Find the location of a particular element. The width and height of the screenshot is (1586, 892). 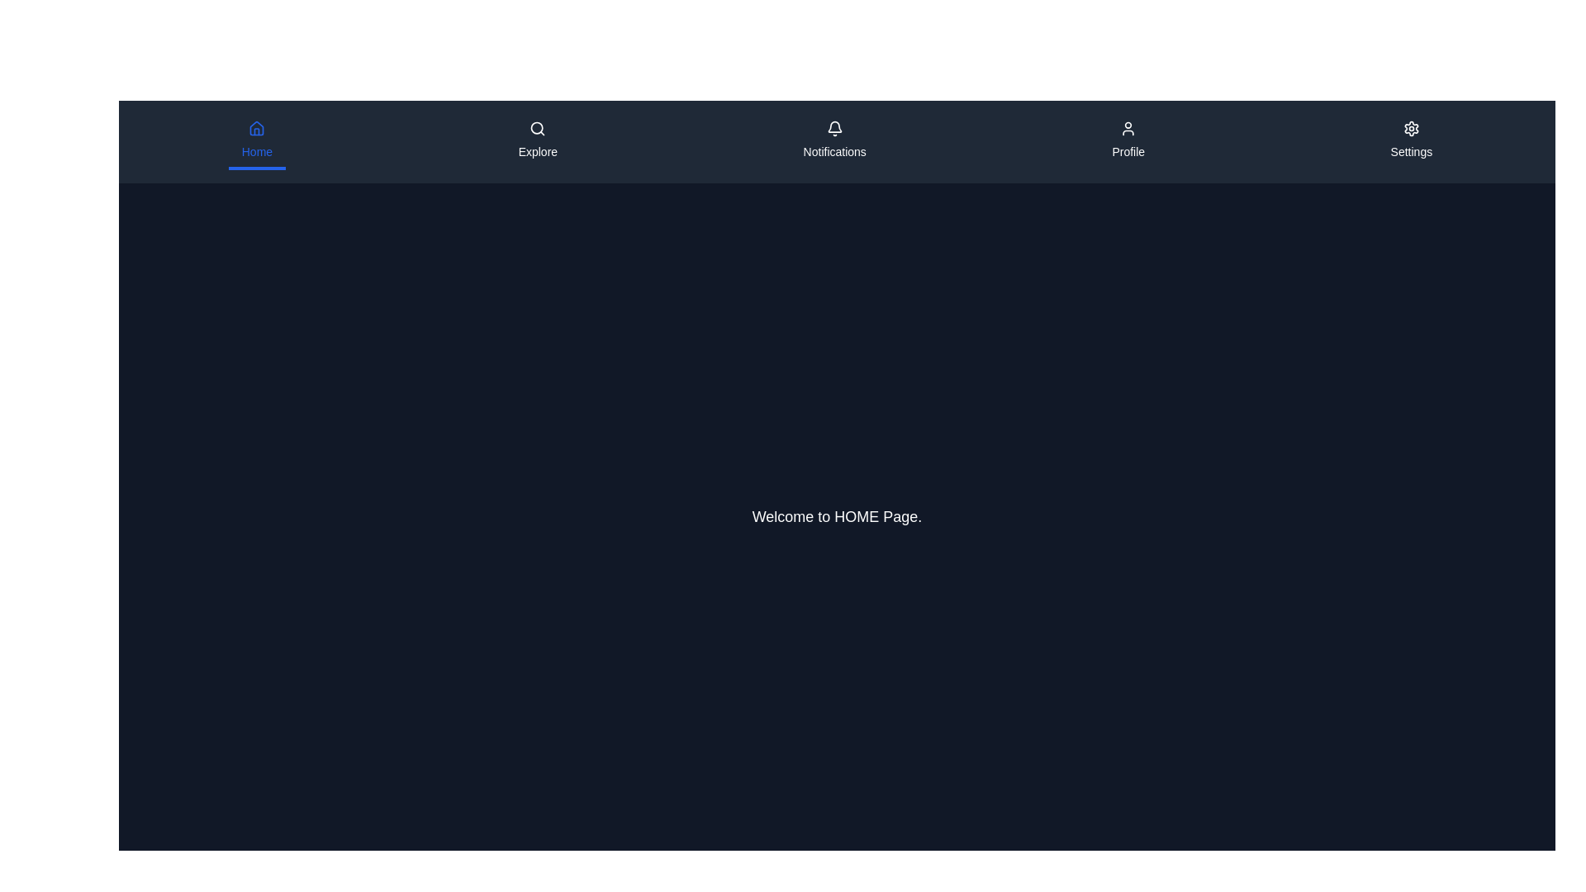

the welcoming message indicating that the user is on the home page of the application, which is centrally positioned in the main content area is located at coordinates (837, 515).